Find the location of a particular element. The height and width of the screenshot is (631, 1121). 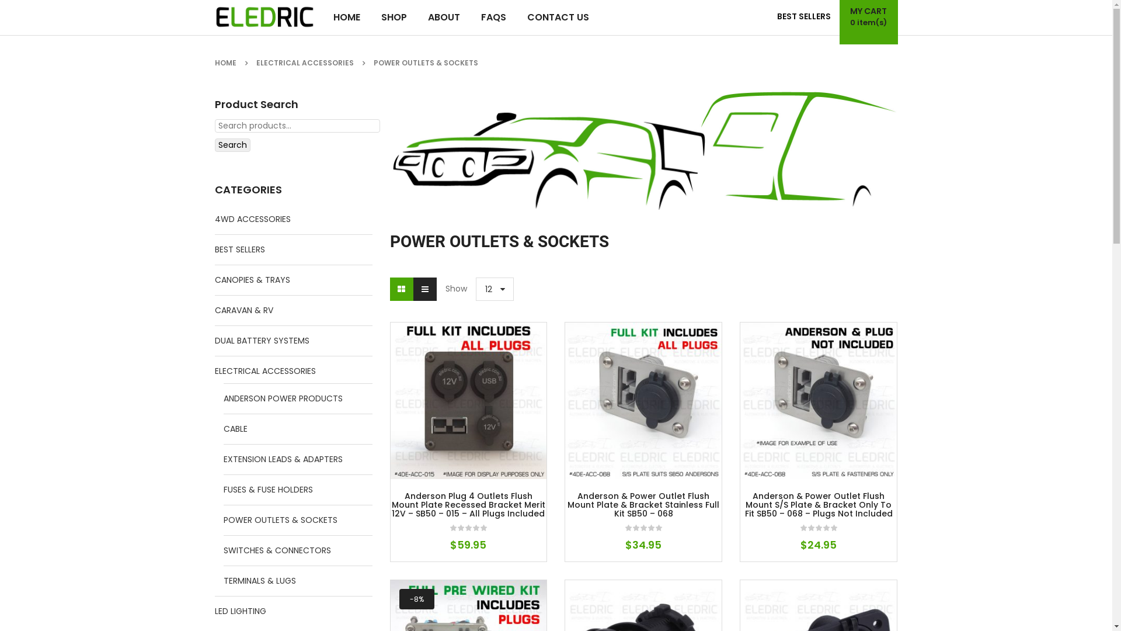

'DUAL BATTERY SYSTEMS' is located at coordinates (215, 341).